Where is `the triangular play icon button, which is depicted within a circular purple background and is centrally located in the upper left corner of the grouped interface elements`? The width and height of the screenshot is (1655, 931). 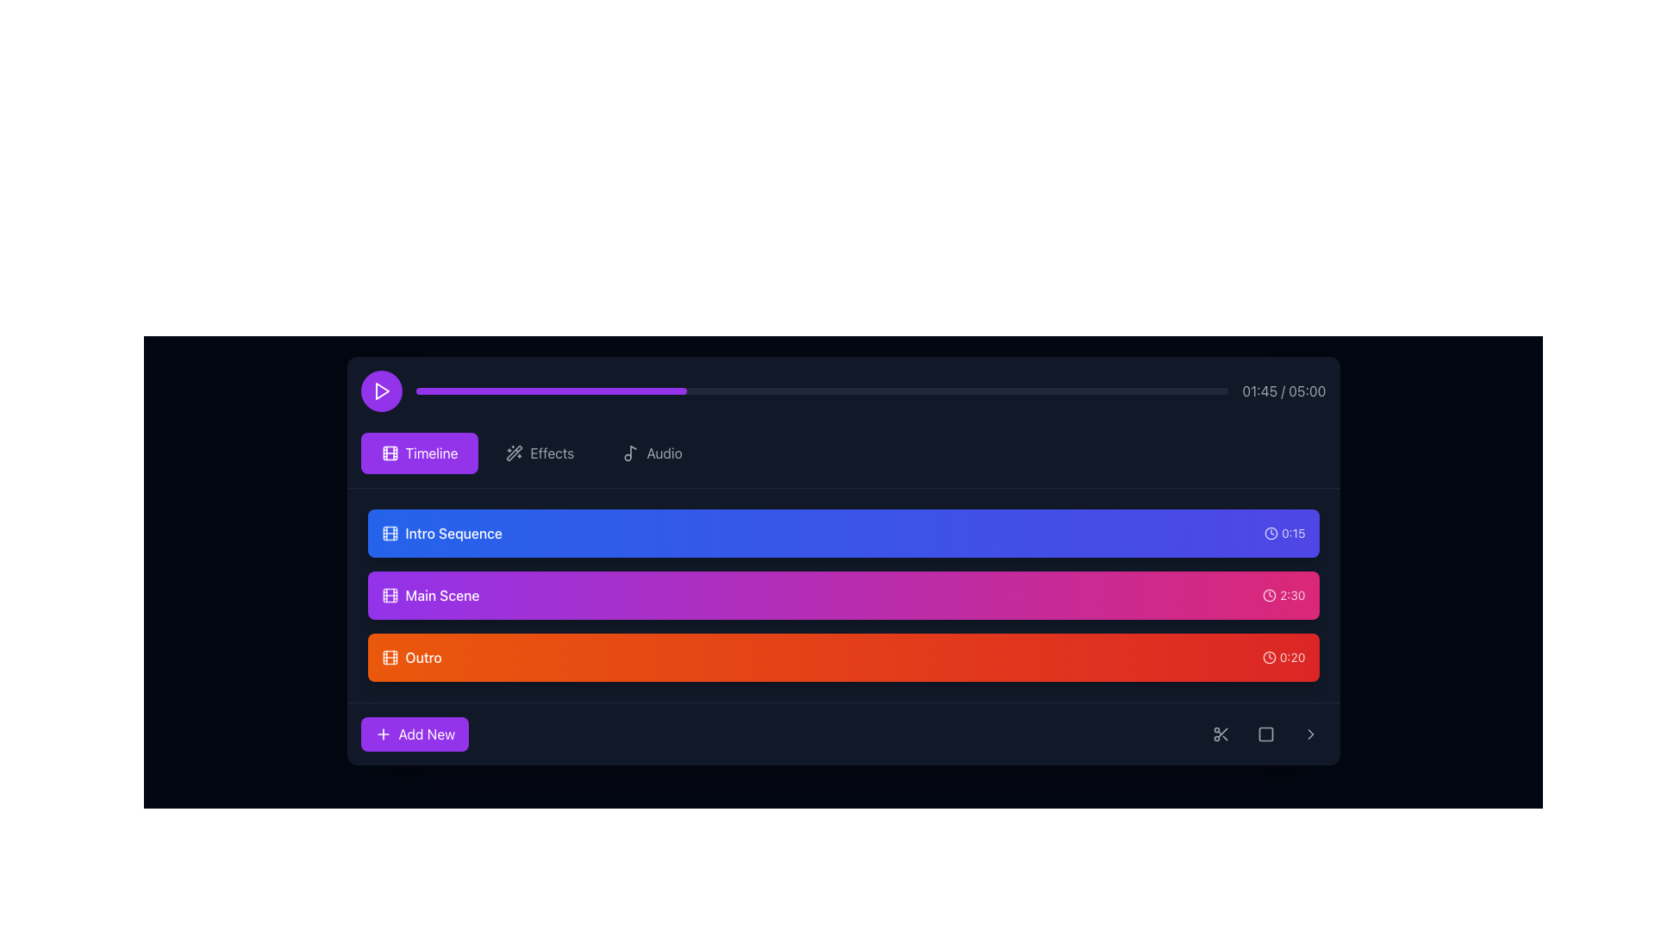
the triangular play icon button, which is depicted within a circular purple background and is centrally located in the upper left corner of the grouped interface elements is located at coordinates (380, 391).